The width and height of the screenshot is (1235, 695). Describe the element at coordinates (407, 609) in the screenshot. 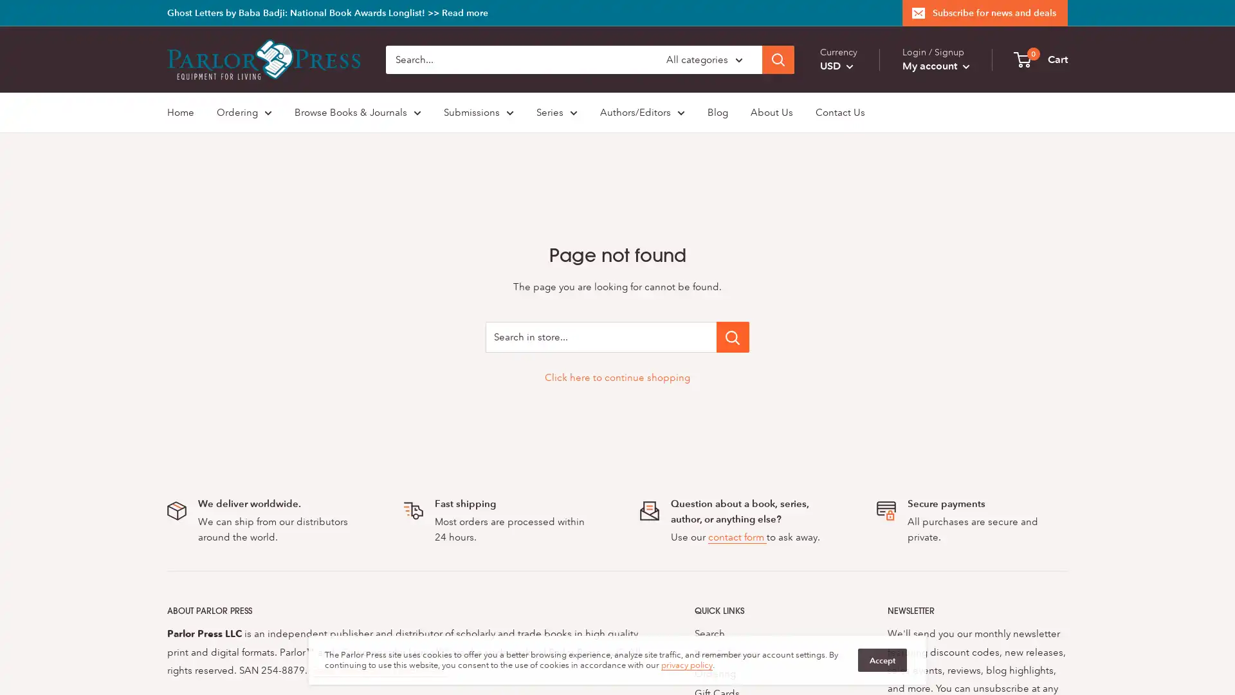

I see `ABOUT PARLOR PRESS` at that location.